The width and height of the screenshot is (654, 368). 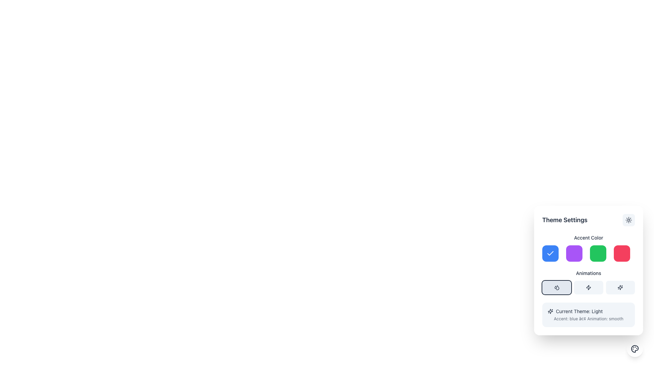 What do you see at coordinates (588, 288) in the screenshot?
I see `the toggle button for selecting the animation style, which features a lightning bolt icon and is located in the rightmost column of the 'Animations' section in the Theme Settings modal` at bounding box center [588, 288].